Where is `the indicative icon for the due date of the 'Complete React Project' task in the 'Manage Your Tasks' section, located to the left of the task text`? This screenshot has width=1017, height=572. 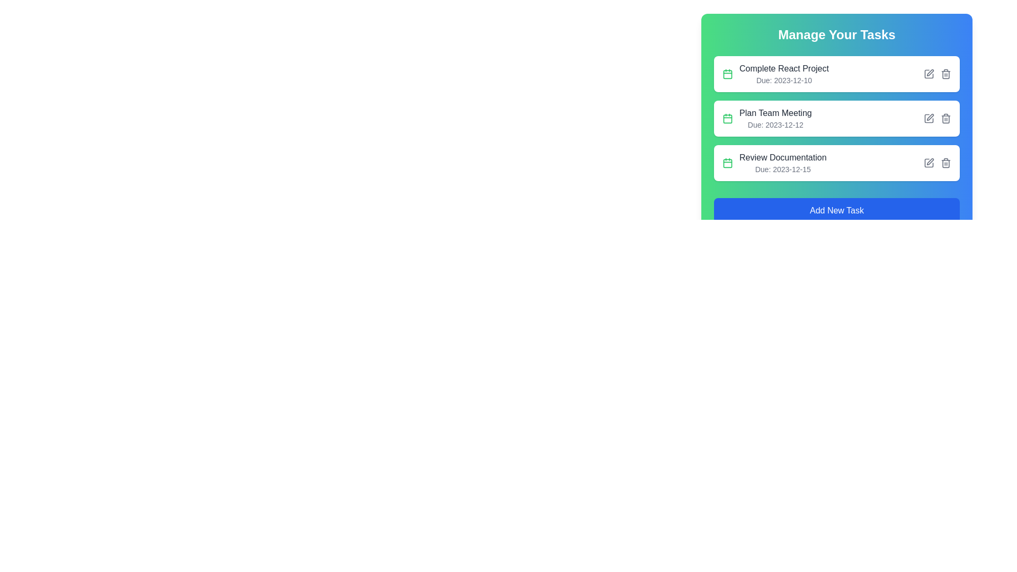 the indicative icon for the due date of the 'Complete React Project' task in the 'Manage Your Tasks' section, located to the left of the task text is located at coordinates (727, 73).